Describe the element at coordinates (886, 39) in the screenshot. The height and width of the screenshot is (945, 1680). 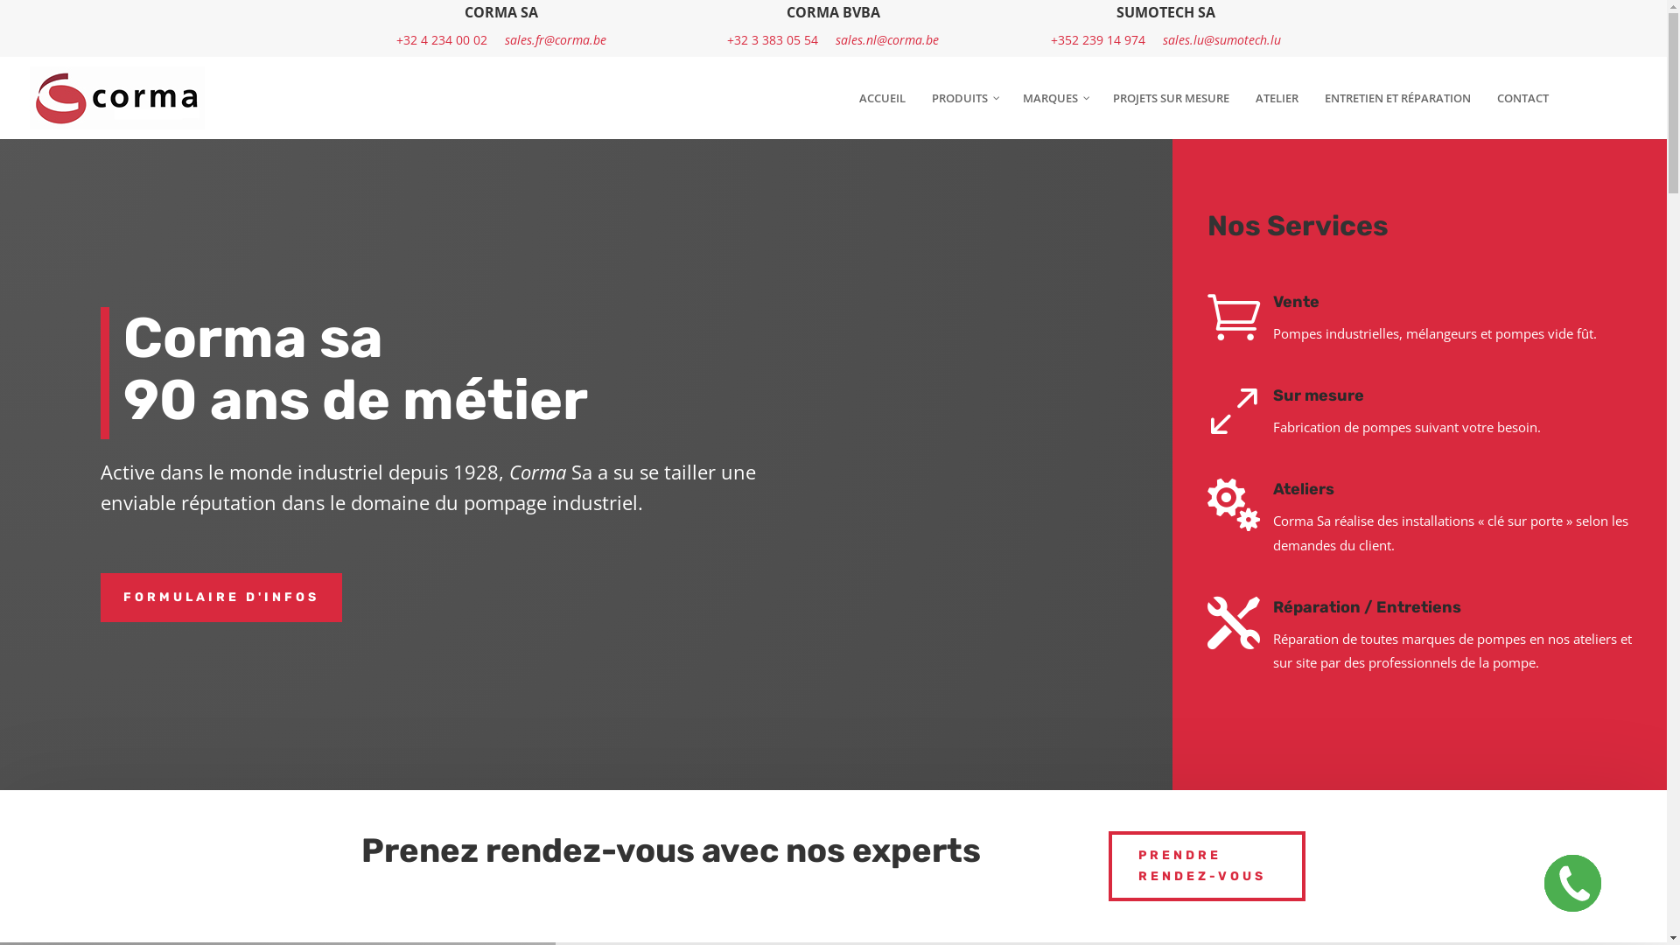
I see `'sales.nl@corma.be'` at that location.